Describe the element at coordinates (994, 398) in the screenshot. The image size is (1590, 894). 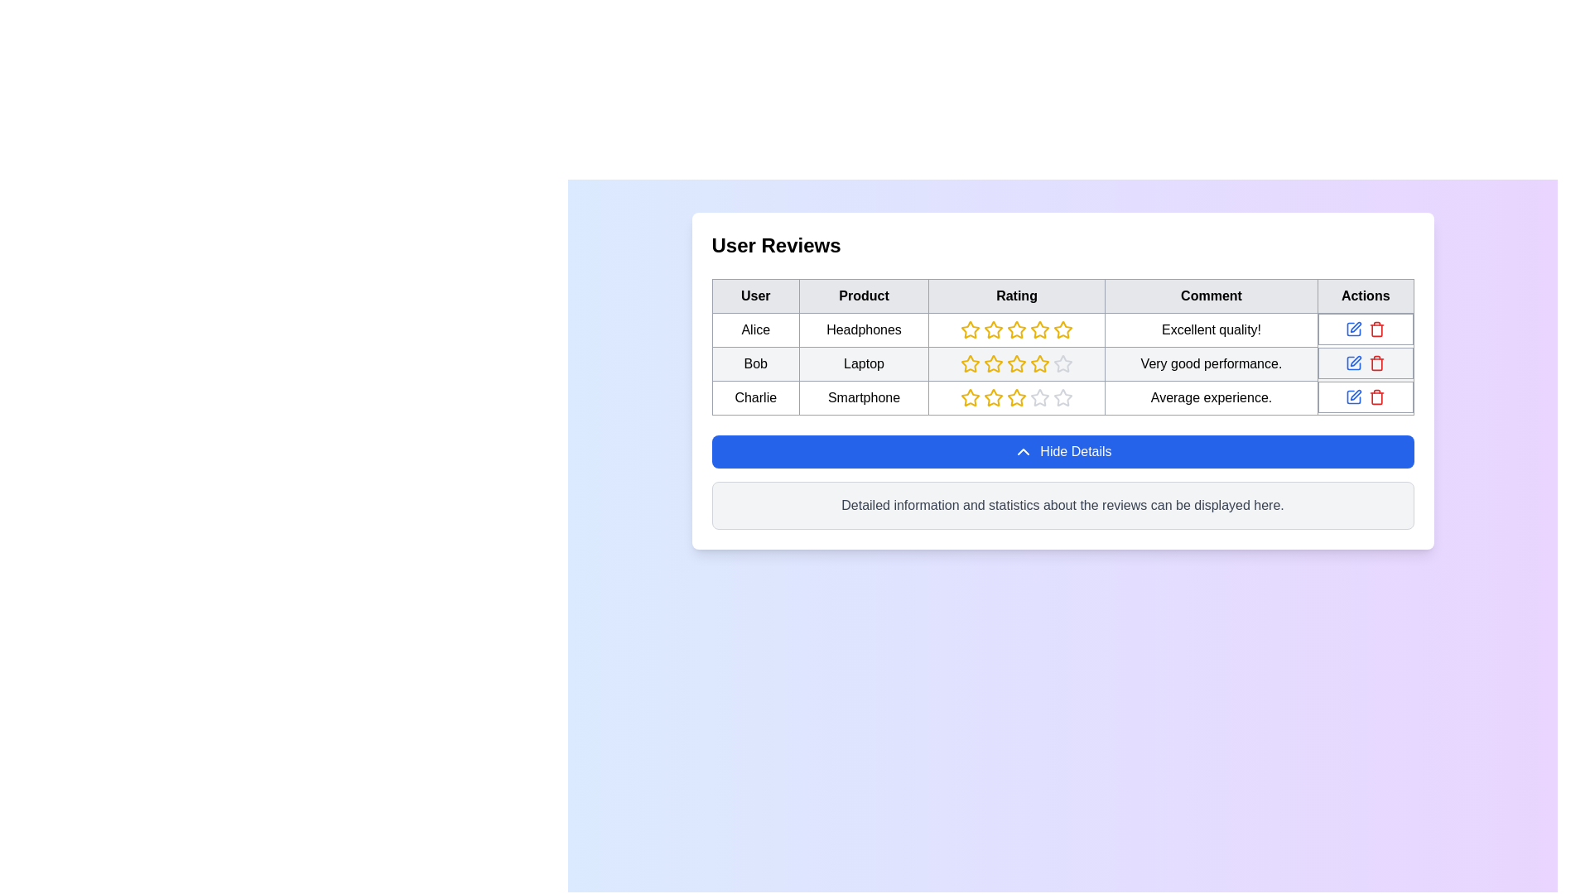
I see `the third star icon representing the rating score for the 'Charlie' entry in the 'User Reviews' table` at that location.